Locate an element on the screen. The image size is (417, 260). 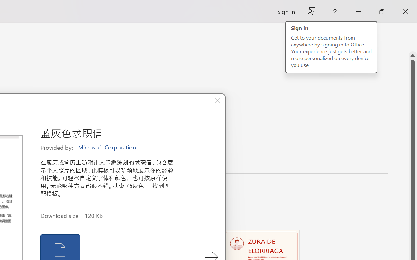
'Line up' is located at coordinates (412, 55).